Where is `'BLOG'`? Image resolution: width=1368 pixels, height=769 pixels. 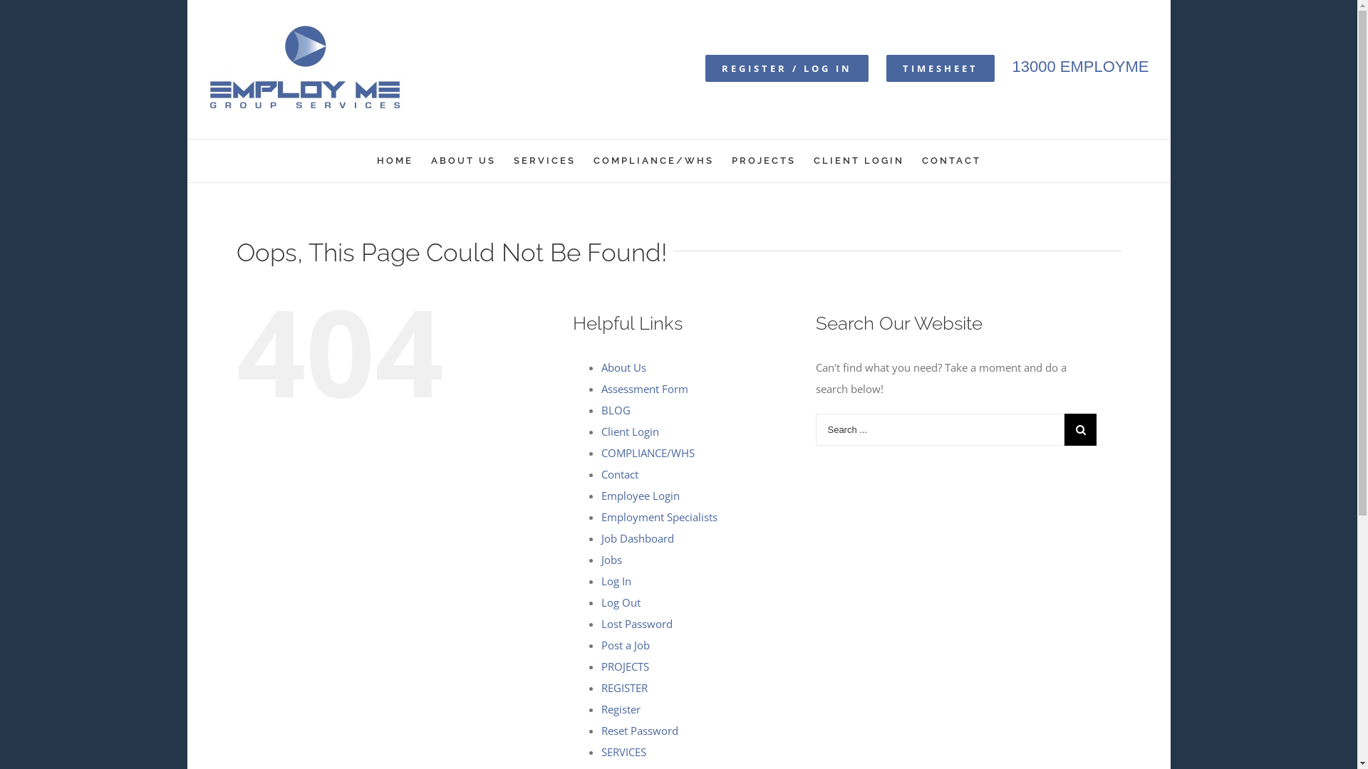
'BLOG' is located at coordinates (616, 409).